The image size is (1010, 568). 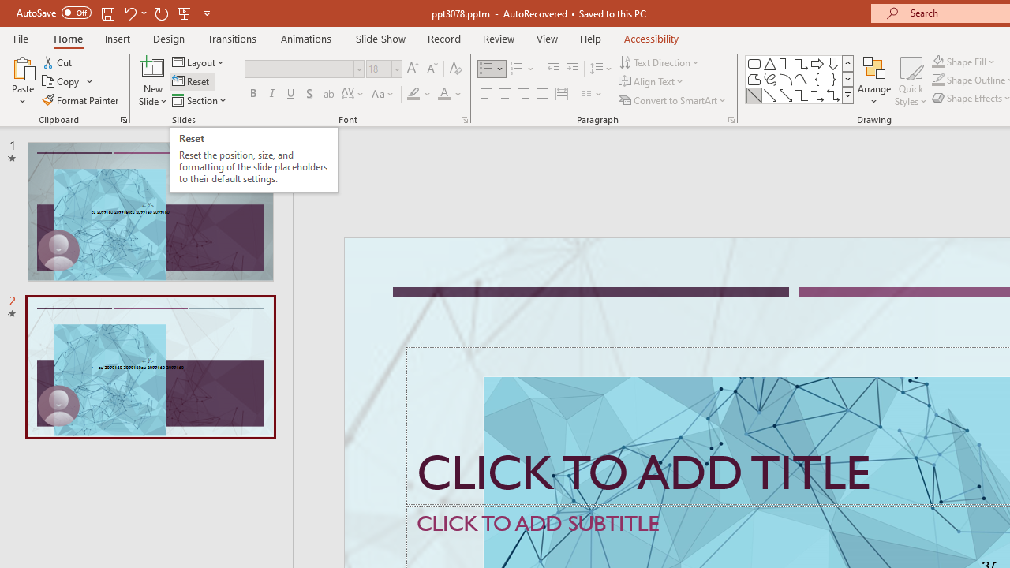 What do you see at coordinates (327, 94) in the screenshot?
I see `'Strikethrough'` at bounding box center [327, 94].